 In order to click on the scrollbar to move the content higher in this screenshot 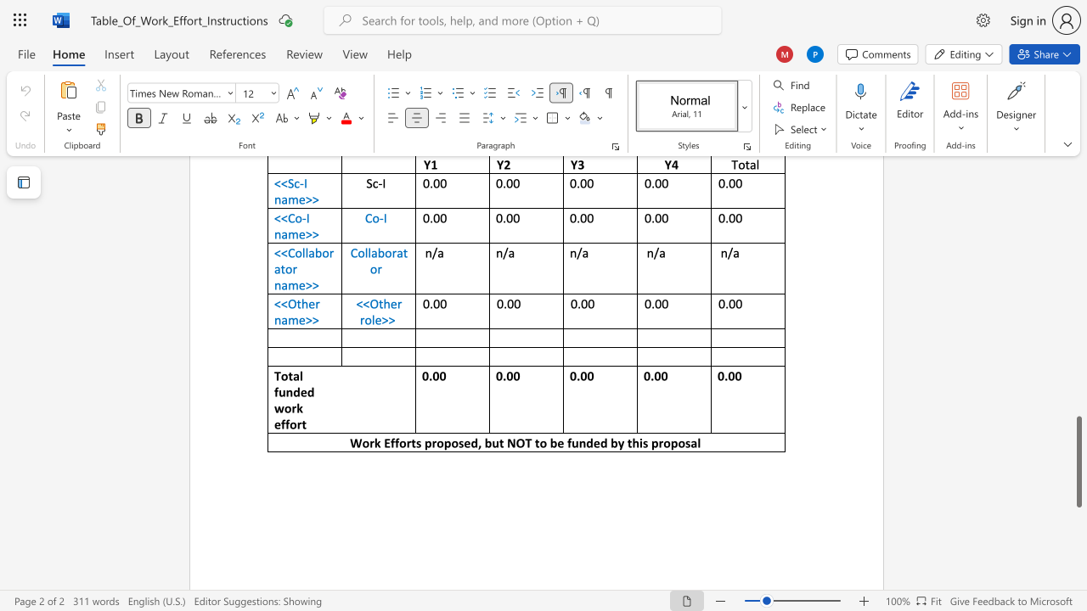, I will do `click(1078, 331)`.